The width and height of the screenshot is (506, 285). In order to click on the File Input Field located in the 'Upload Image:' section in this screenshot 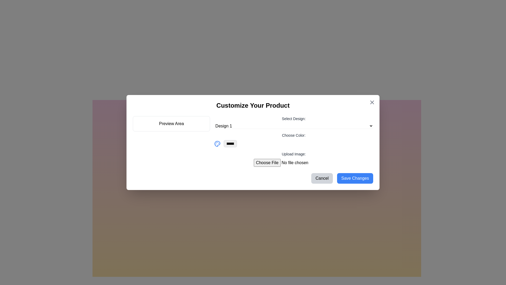, I will do `click(293, 163)`.